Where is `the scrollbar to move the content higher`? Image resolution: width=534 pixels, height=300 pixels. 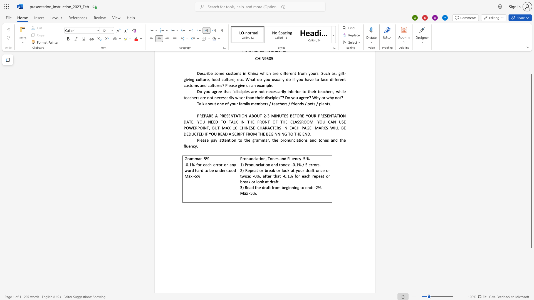
the scrollbar to move the content higher is located at coordinates (531, 69).